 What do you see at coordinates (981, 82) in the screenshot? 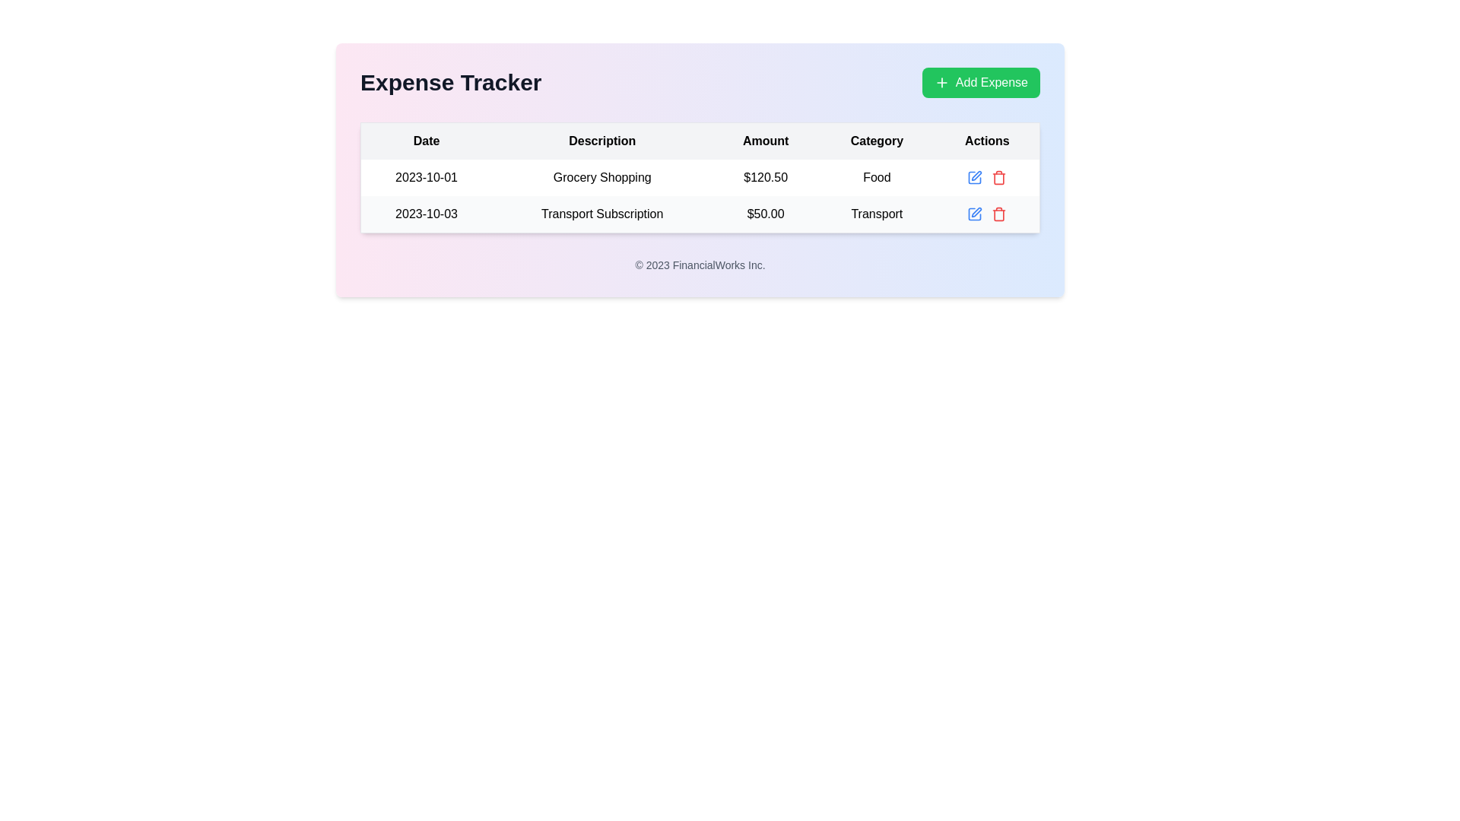
I see `the 'Add Expense' button located at the right end of the header section, aligned with the 'Expense Tracker' label, to navigate and prepare for adding a new expense entry` at bounding box center [981, 82].